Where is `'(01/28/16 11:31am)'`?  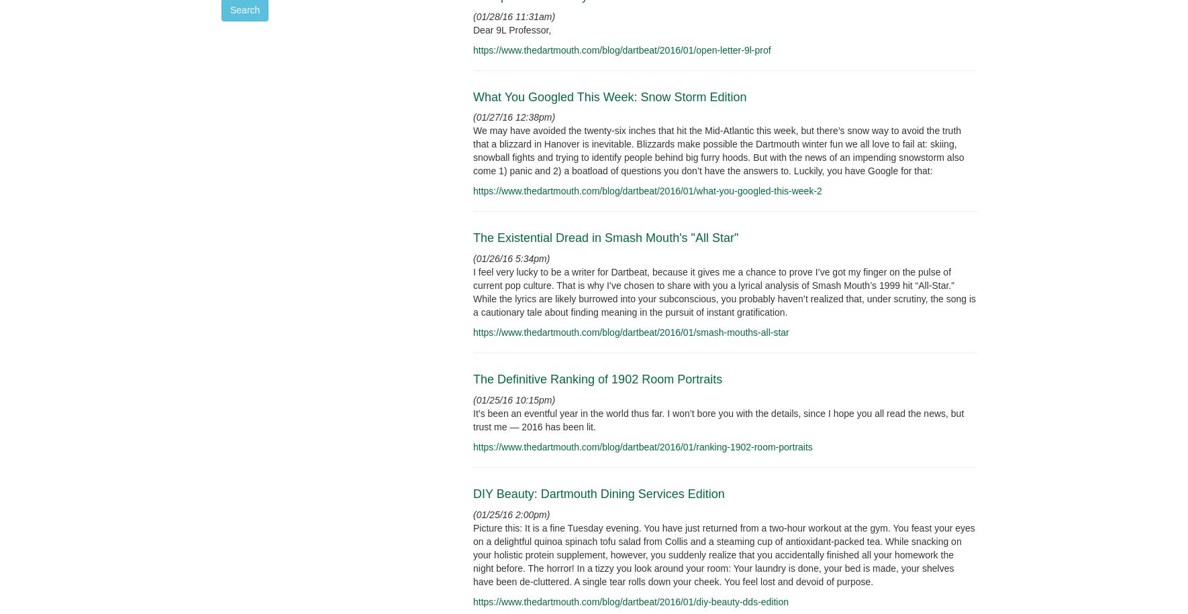
'(01/28/16 11:31am)' is located at coordinates (472, 15).